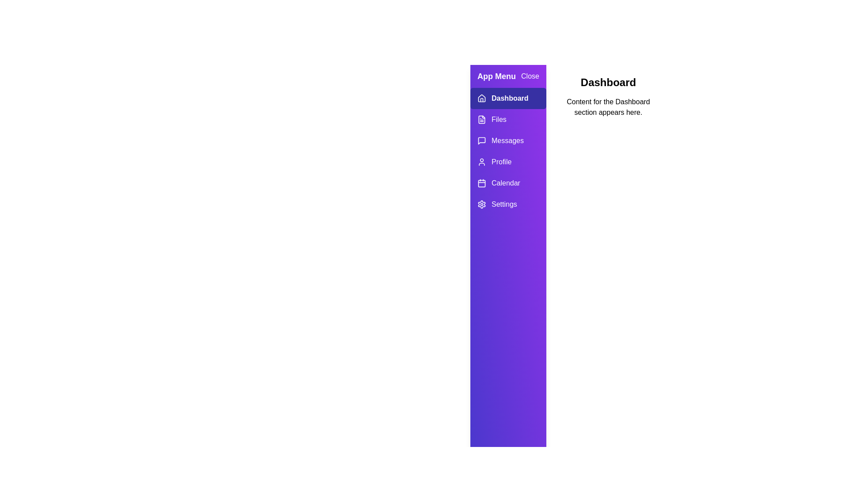  What do you see at coordinates (530, 76) in the screenshot?
I see `the 'Close' button to close the drawer` at bounding box center [530, 76].